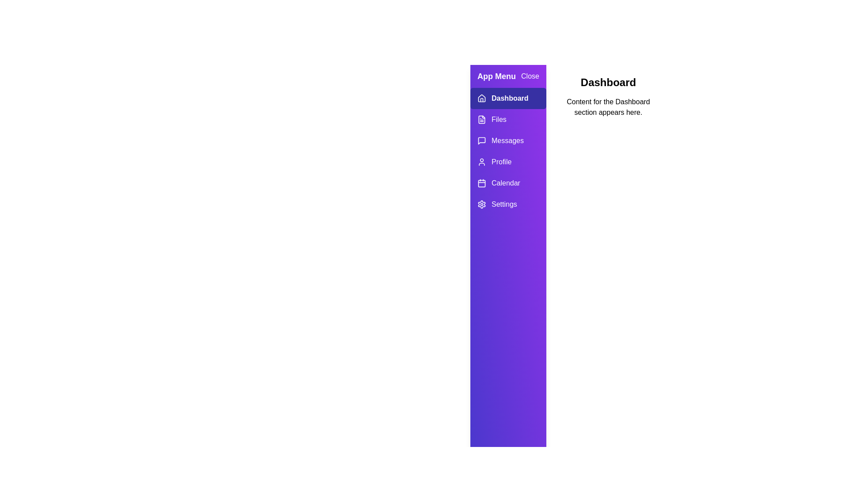  What do you see at coordinates (530, 76) in the screenshot?
I see `the 'Close' button to close the drawer` at bounding box center [530, 76].